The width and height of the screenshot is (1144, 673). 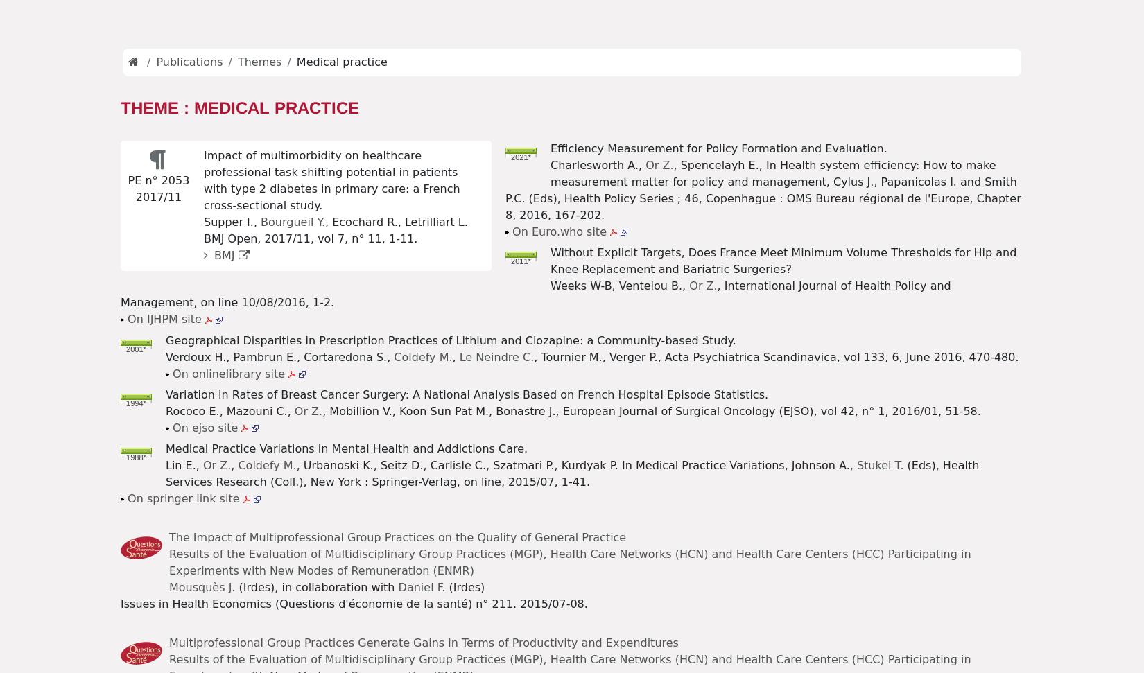 What do you see at coordinates (284, 561) in the screenshot?
I see `'How good is the quality of health care in France?'` at bounding box center [284, 561].